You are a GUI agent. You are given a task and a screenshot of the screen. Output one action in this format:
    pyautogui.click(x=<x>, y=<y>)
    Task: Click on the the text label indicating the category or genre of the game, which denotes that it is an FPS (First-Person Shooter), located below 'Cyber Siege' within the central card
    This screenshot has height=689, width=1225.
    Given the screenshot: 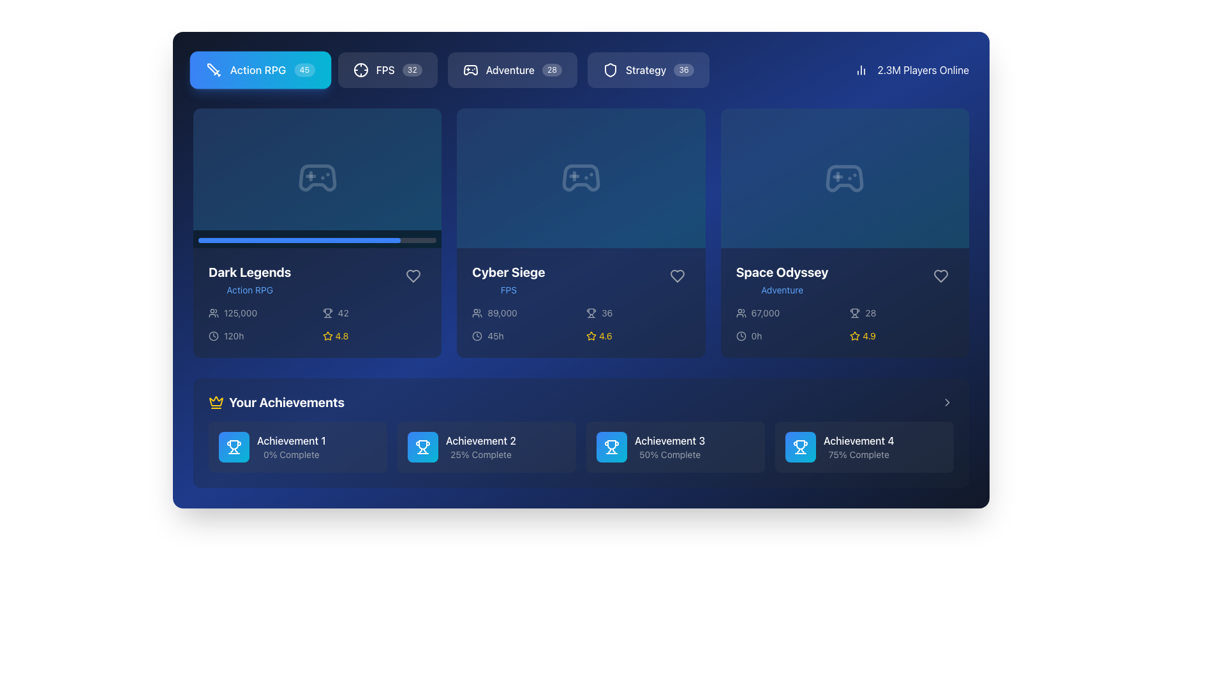 What is the action you would take?
    pyautogui.click(x=508, y=290)
    